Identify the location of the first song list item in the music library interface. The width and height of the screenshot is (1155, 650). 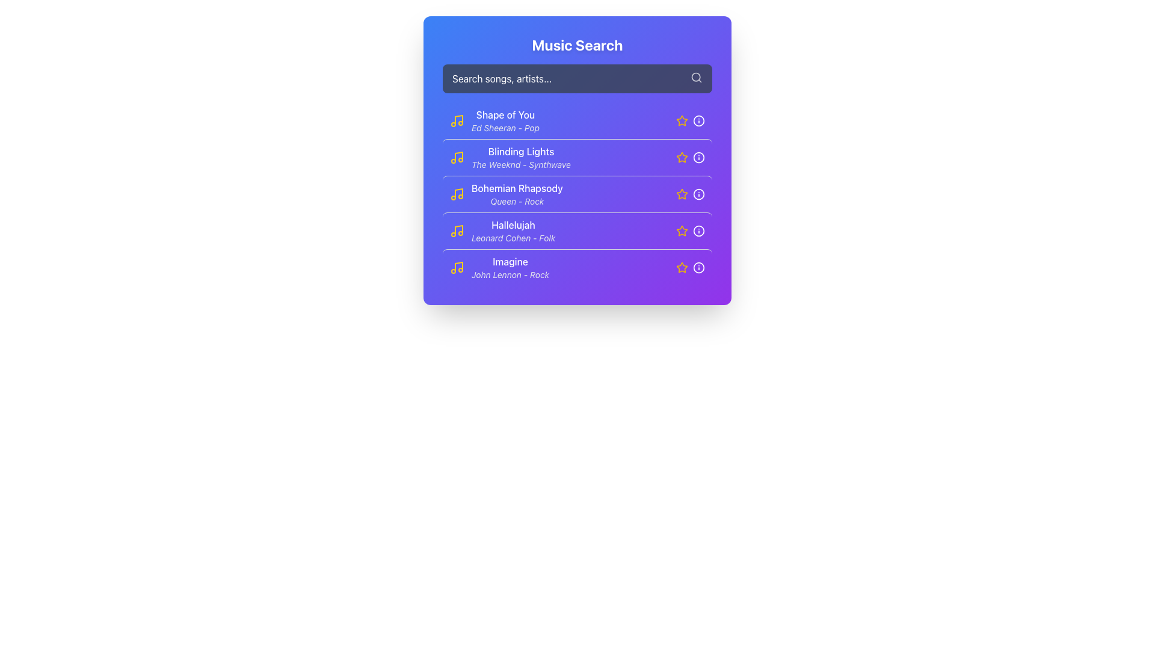
(494, 120).